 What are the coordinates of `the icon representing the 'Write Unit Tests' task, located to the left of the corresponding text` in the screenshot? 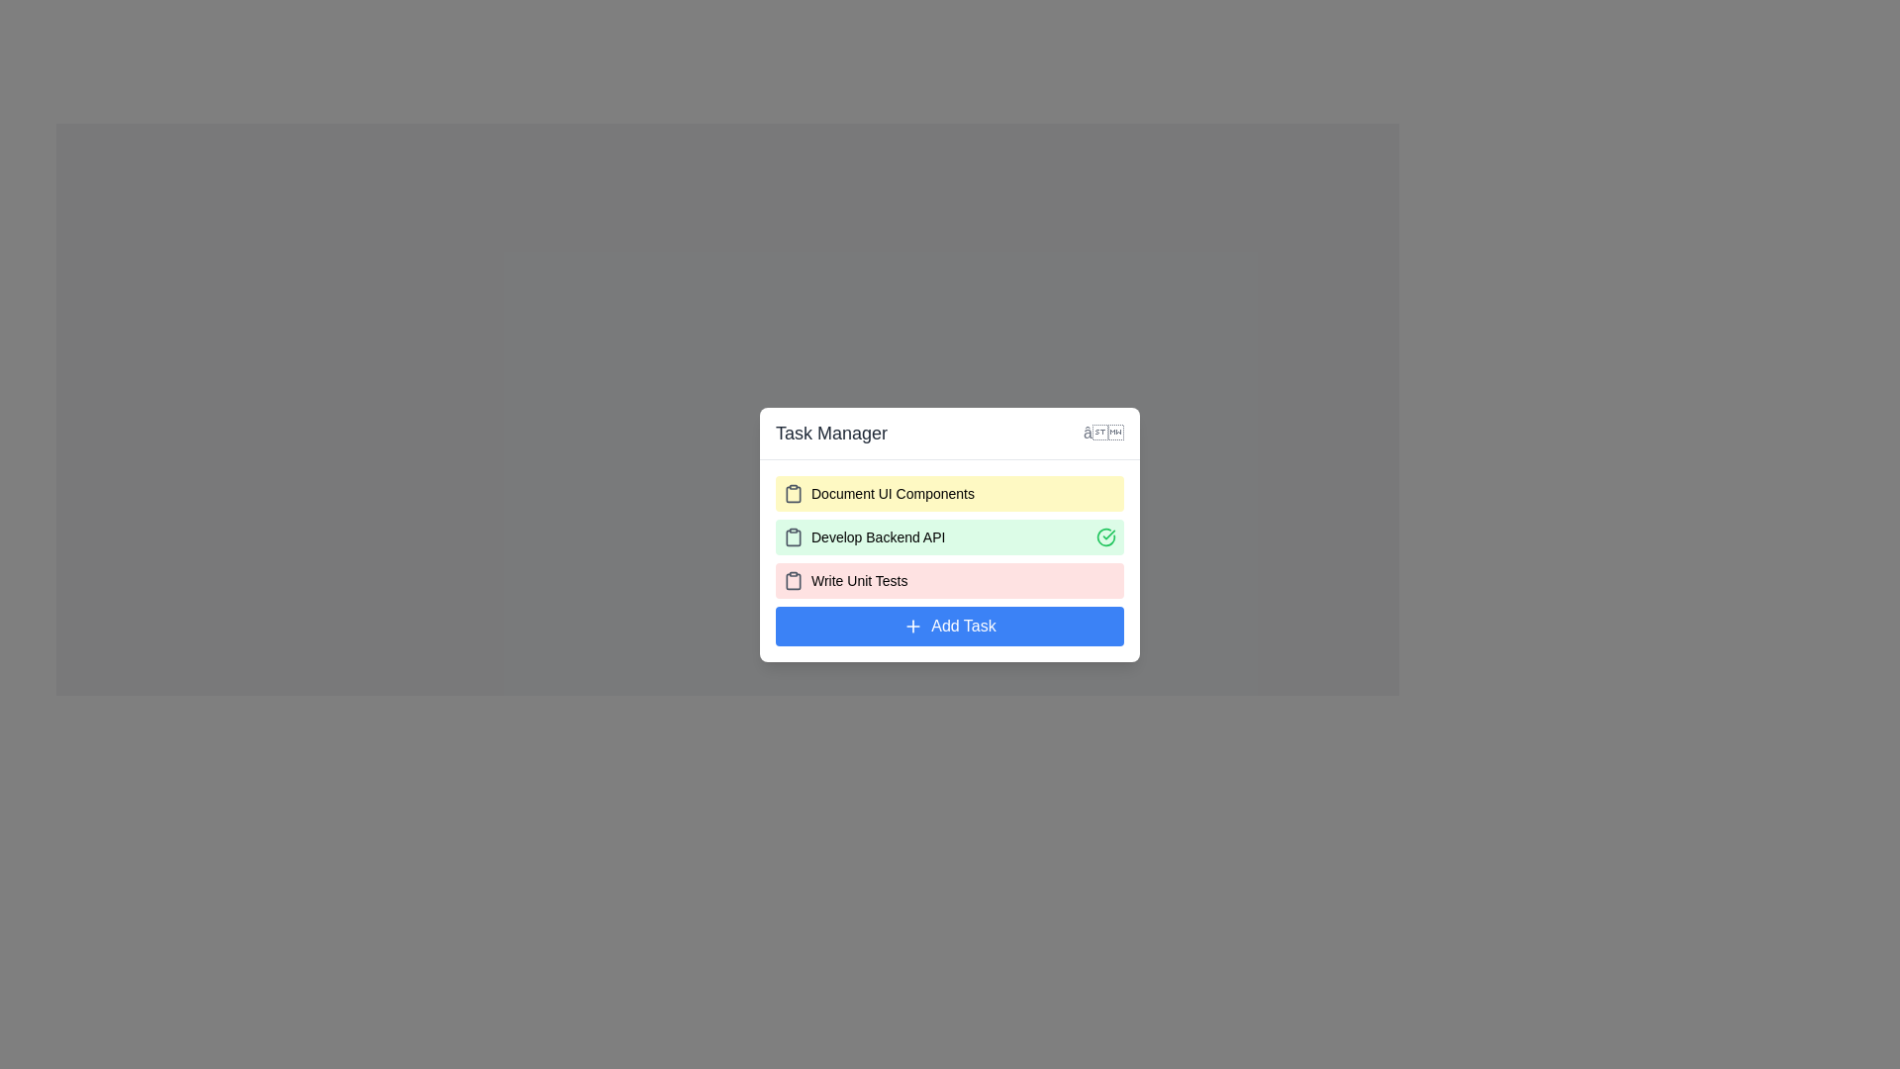 It's located at (793, 579).